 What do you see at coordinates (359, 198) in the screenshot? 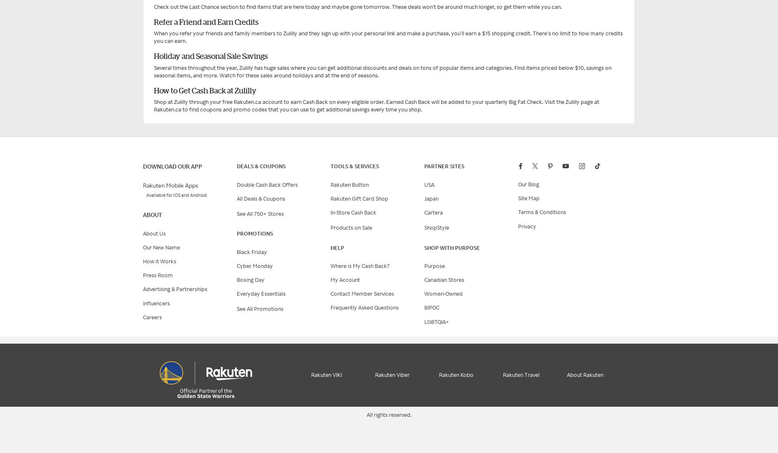
I see `'Rakuten Gift Card Shop'` at bounding box center [359, 198].